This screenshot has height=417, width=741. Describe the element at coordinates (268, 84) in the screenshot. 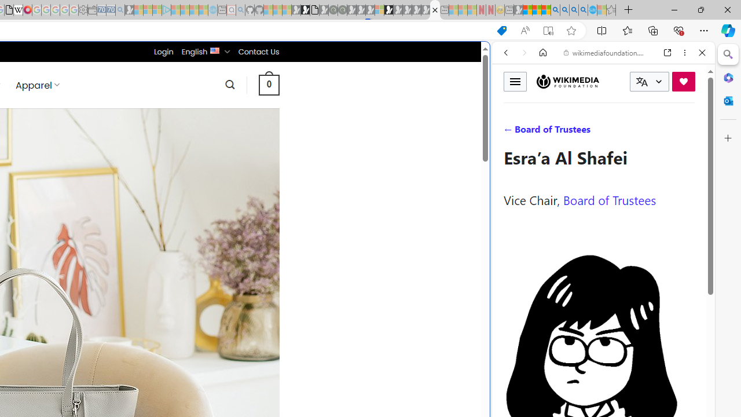

I see `'  0  '` at that location.